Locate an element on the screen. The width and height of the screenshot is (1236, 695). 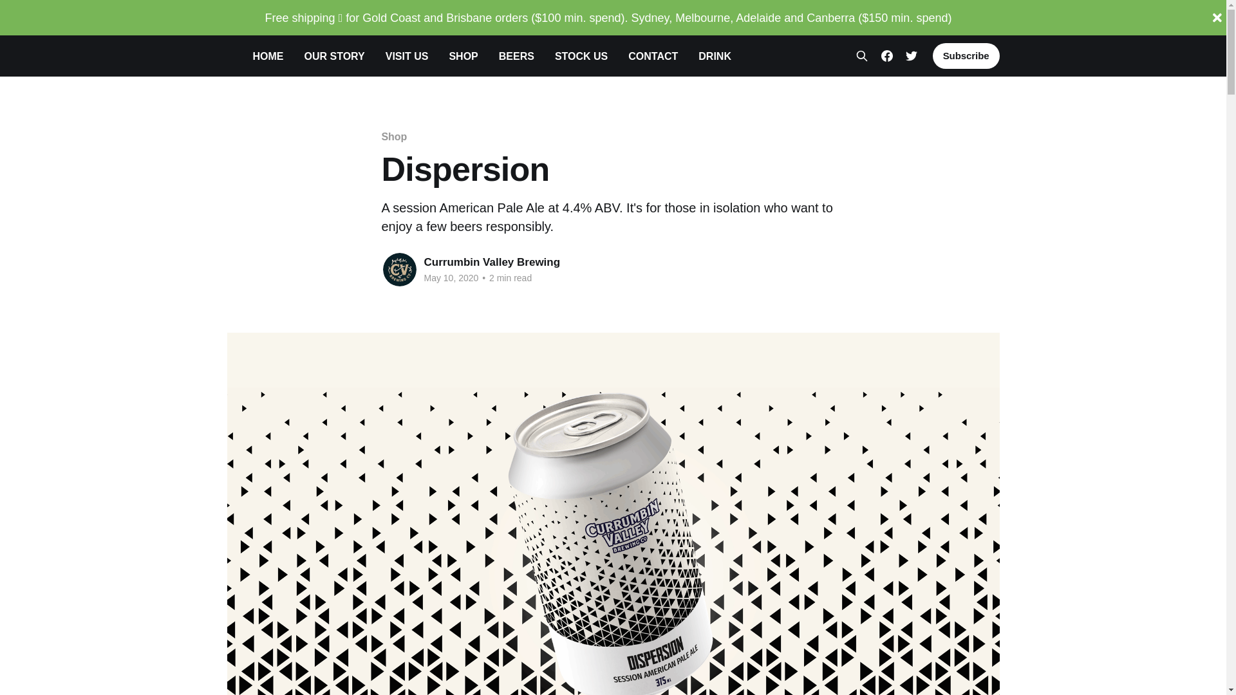
'CONTACT' is located at coordinates (628, 55).